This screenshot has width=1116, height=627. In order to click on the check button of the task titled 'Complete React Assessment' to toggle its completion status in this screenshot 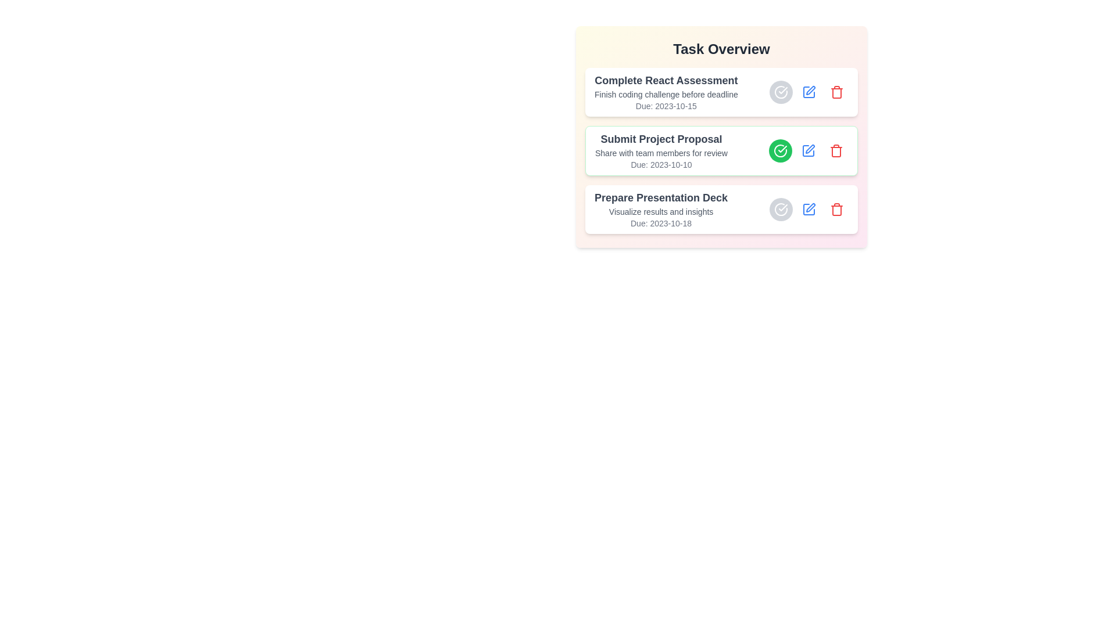, I will do `click(781, 91)`.